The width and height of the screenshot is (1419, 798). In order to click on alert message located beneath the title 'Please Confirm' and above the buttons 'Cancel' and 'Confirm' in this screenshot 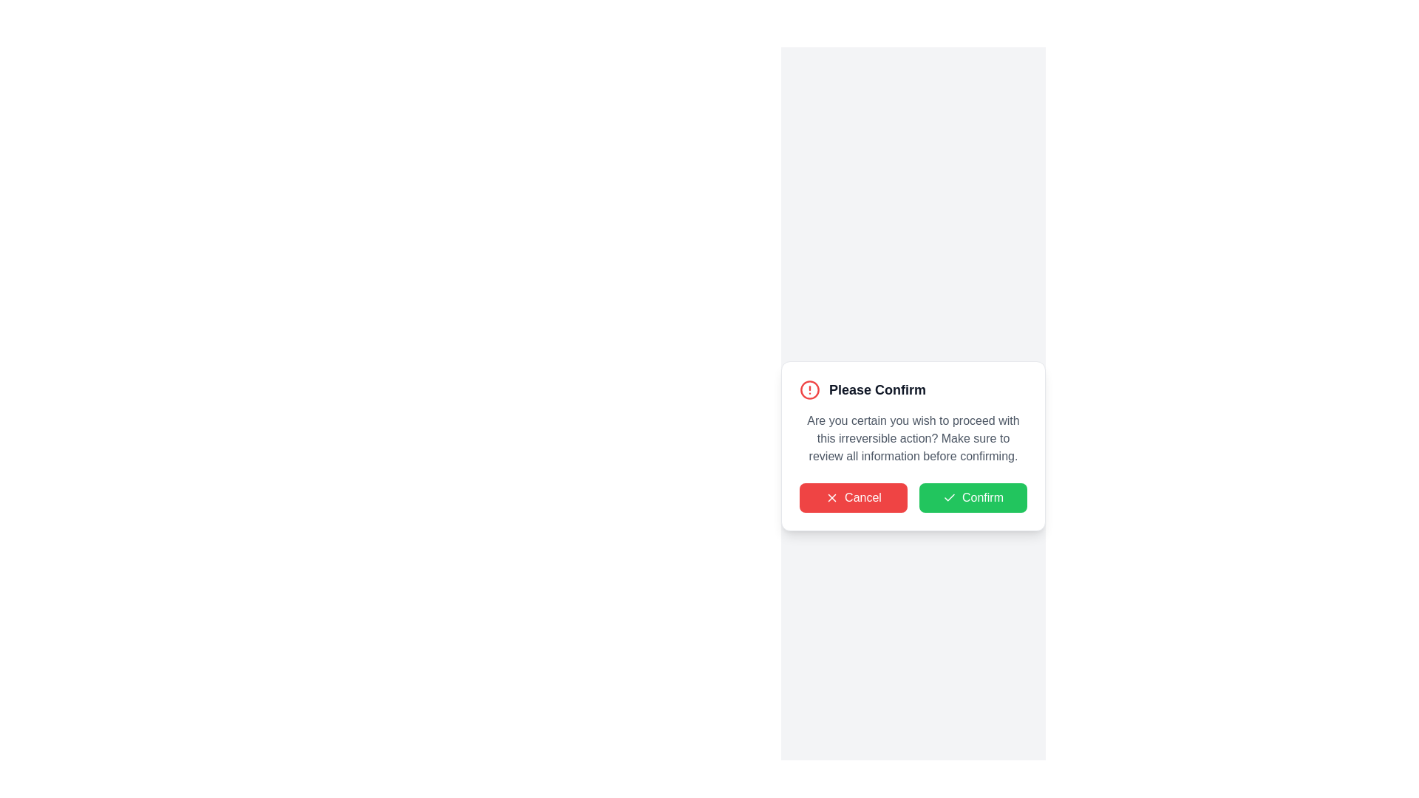, I will do `click(913, 438)`.